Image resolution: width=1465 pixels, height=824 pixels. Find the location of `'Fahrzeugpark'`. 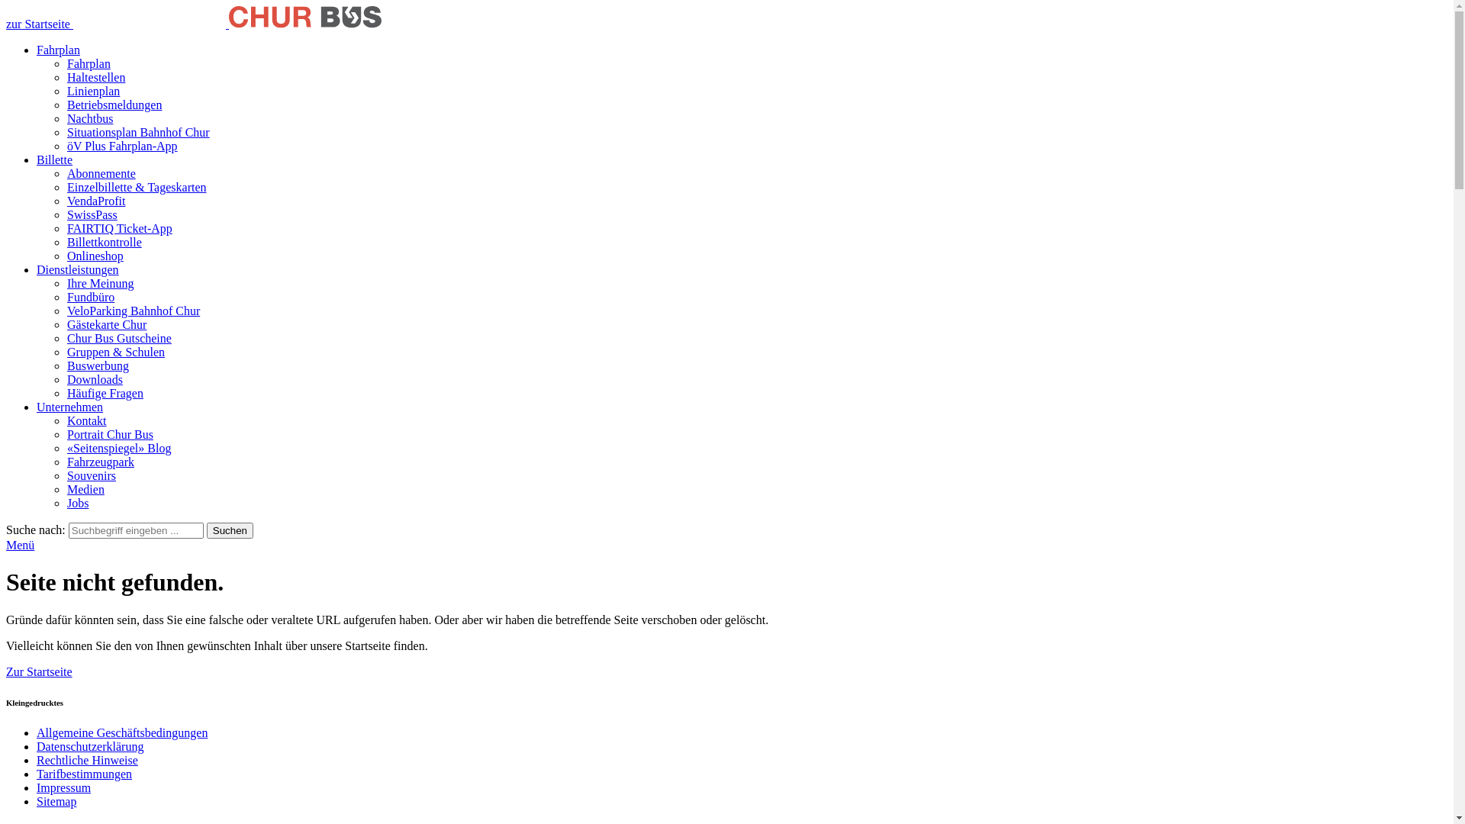

'Fahrzeugpark' is located at coordinates (99, 461).